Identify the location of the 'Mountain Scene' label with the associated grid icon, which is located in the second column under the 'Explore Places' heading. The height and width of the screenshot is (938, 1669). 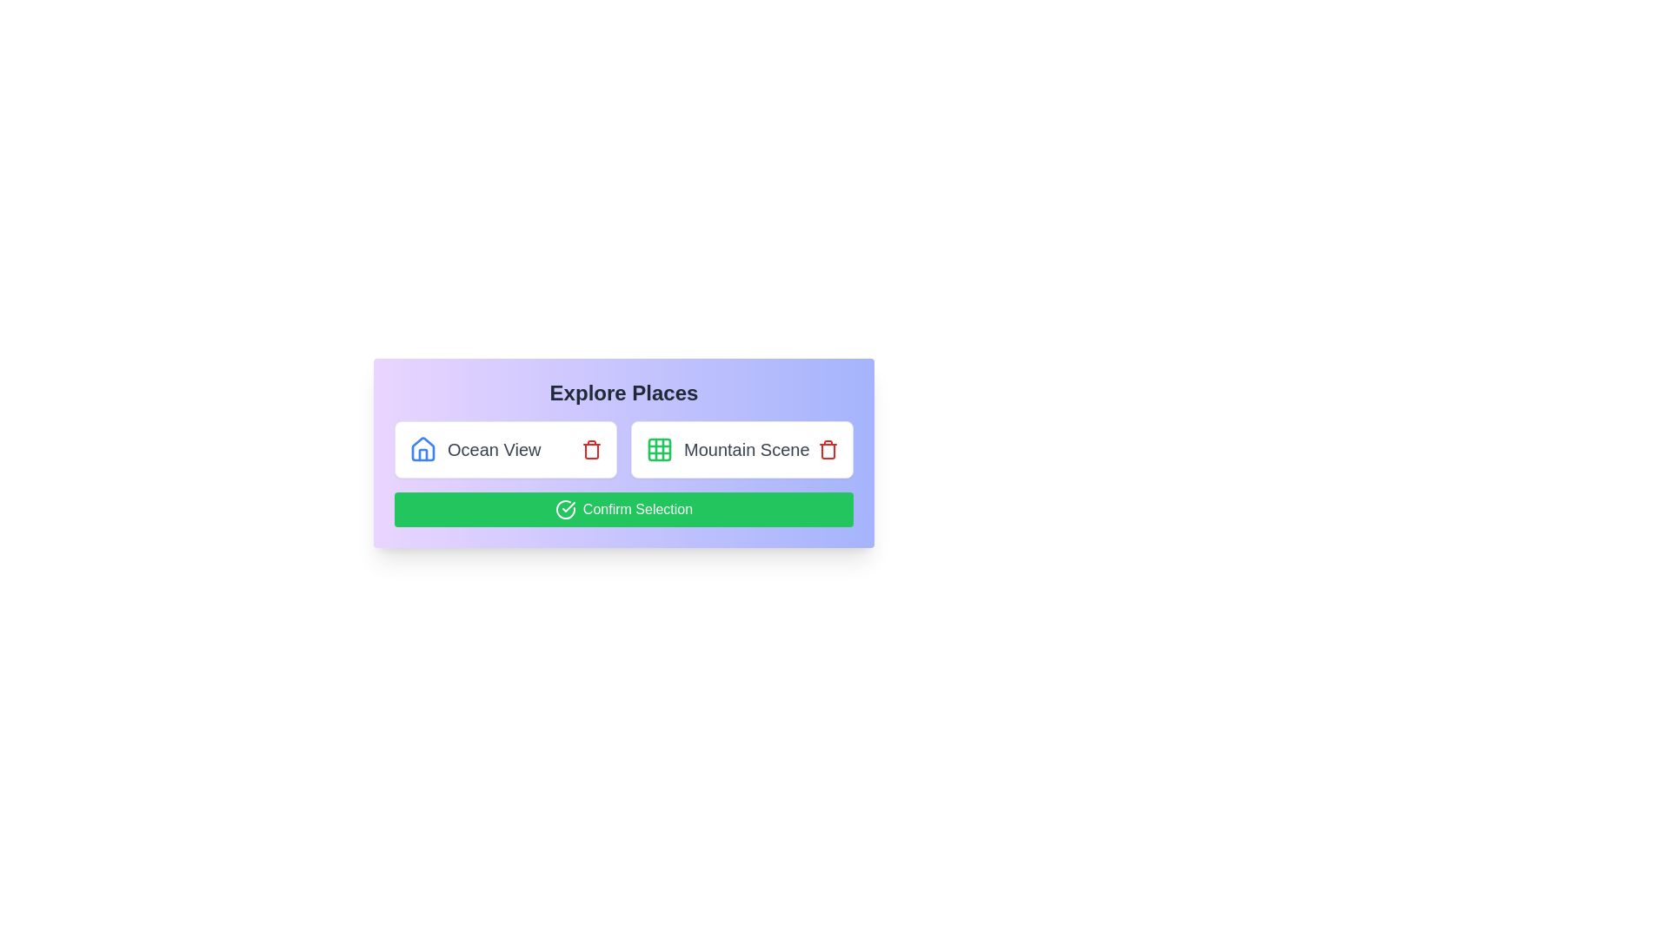
(728, 448).